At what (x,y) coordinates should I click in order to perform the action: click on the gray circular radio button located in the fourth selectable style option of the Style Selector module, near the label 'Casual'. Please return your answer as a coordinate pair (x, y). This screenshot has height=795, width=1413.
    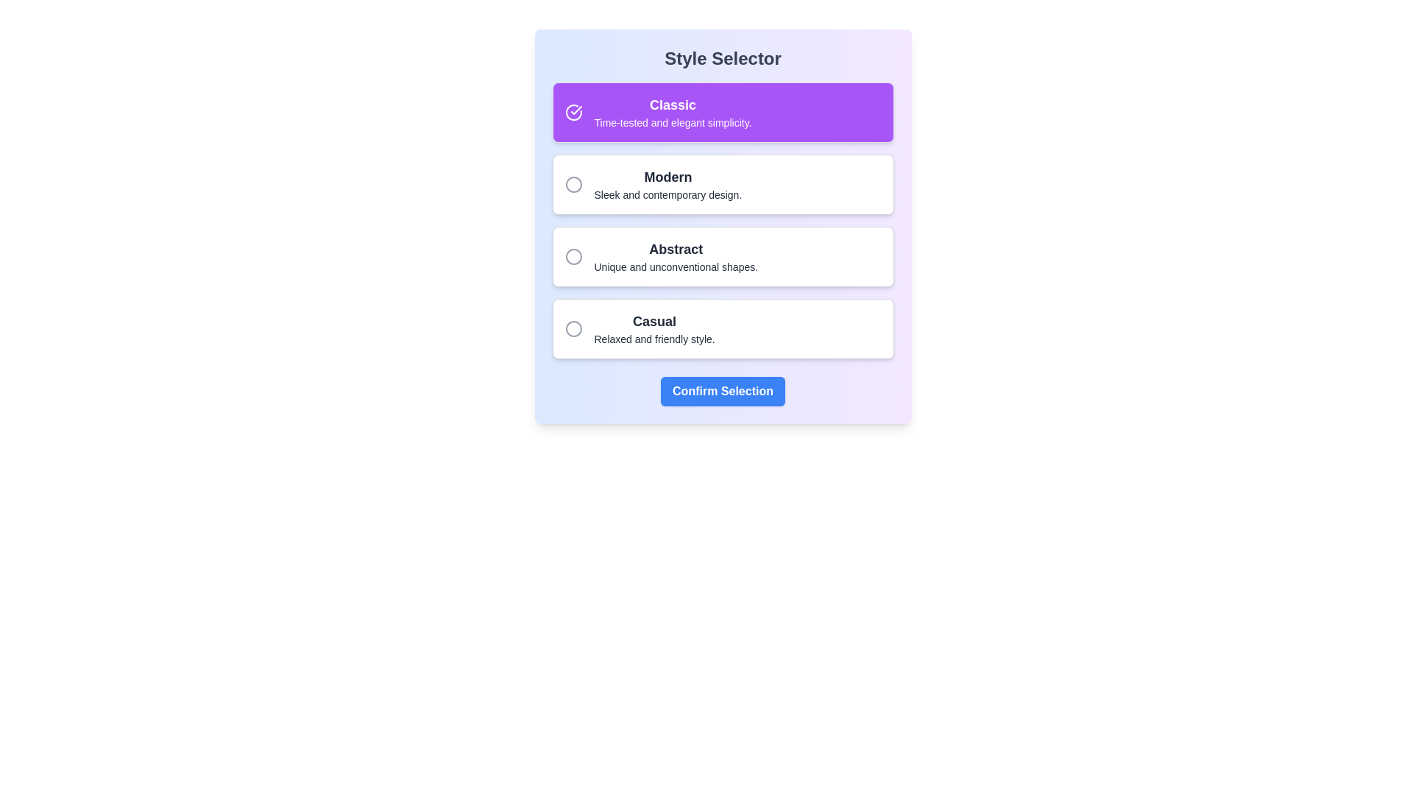
    Looking at the image, I should click on (573, 328).